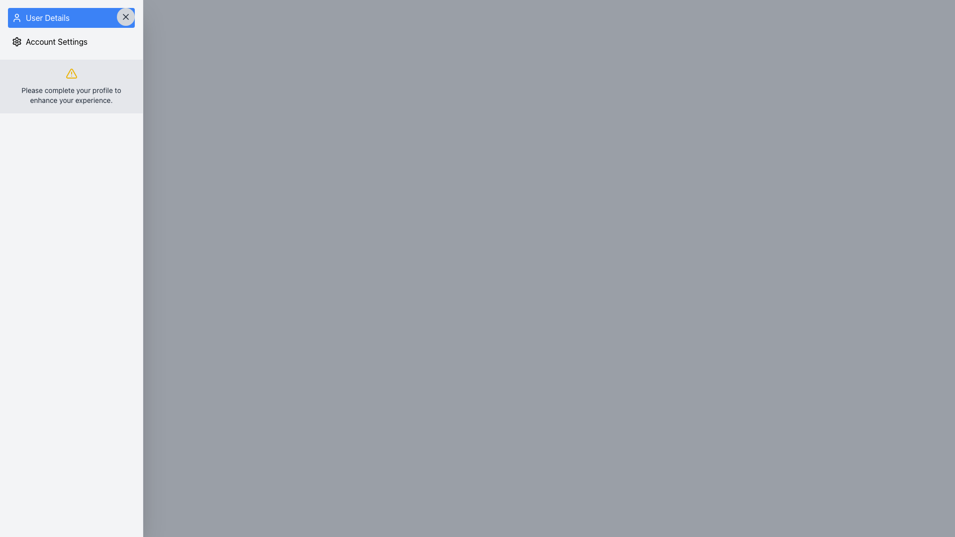  What do you see at coordinates (71, 95) in the screenshot?
I see `the informational message prompting users to complete their profile, located below the triangular alert icon in the sidebar` at bounding box center [71, 95].